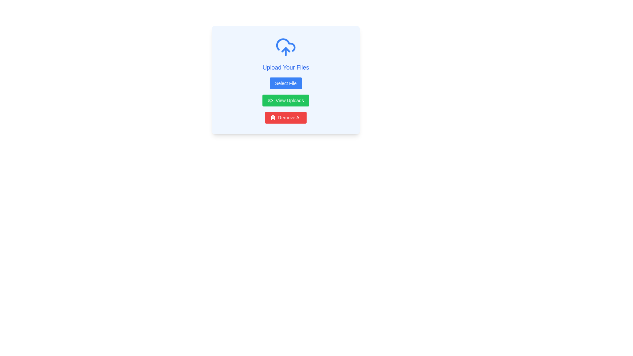  What do you see at coordinates (270, 100) in the screenshot?
I see `the decorative eye-shaped icon located on the left side of the 'View Uploads' button in the centered modal under the header 'Upload Your Files'` at bounding box center [270, 100].